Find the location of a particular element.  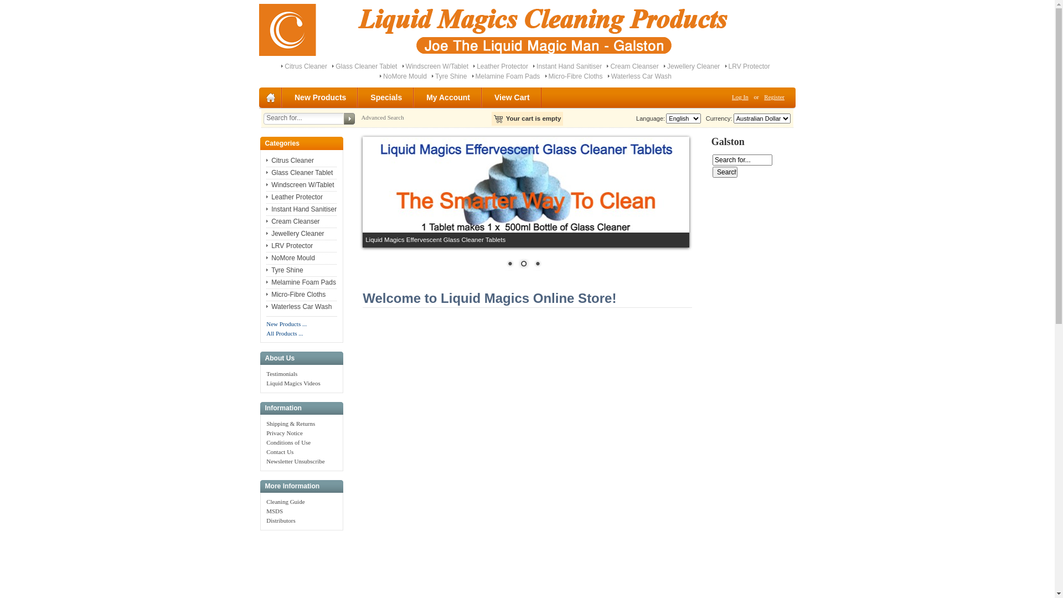

'Shipping & Returns' is located at coordinates (290, 423).